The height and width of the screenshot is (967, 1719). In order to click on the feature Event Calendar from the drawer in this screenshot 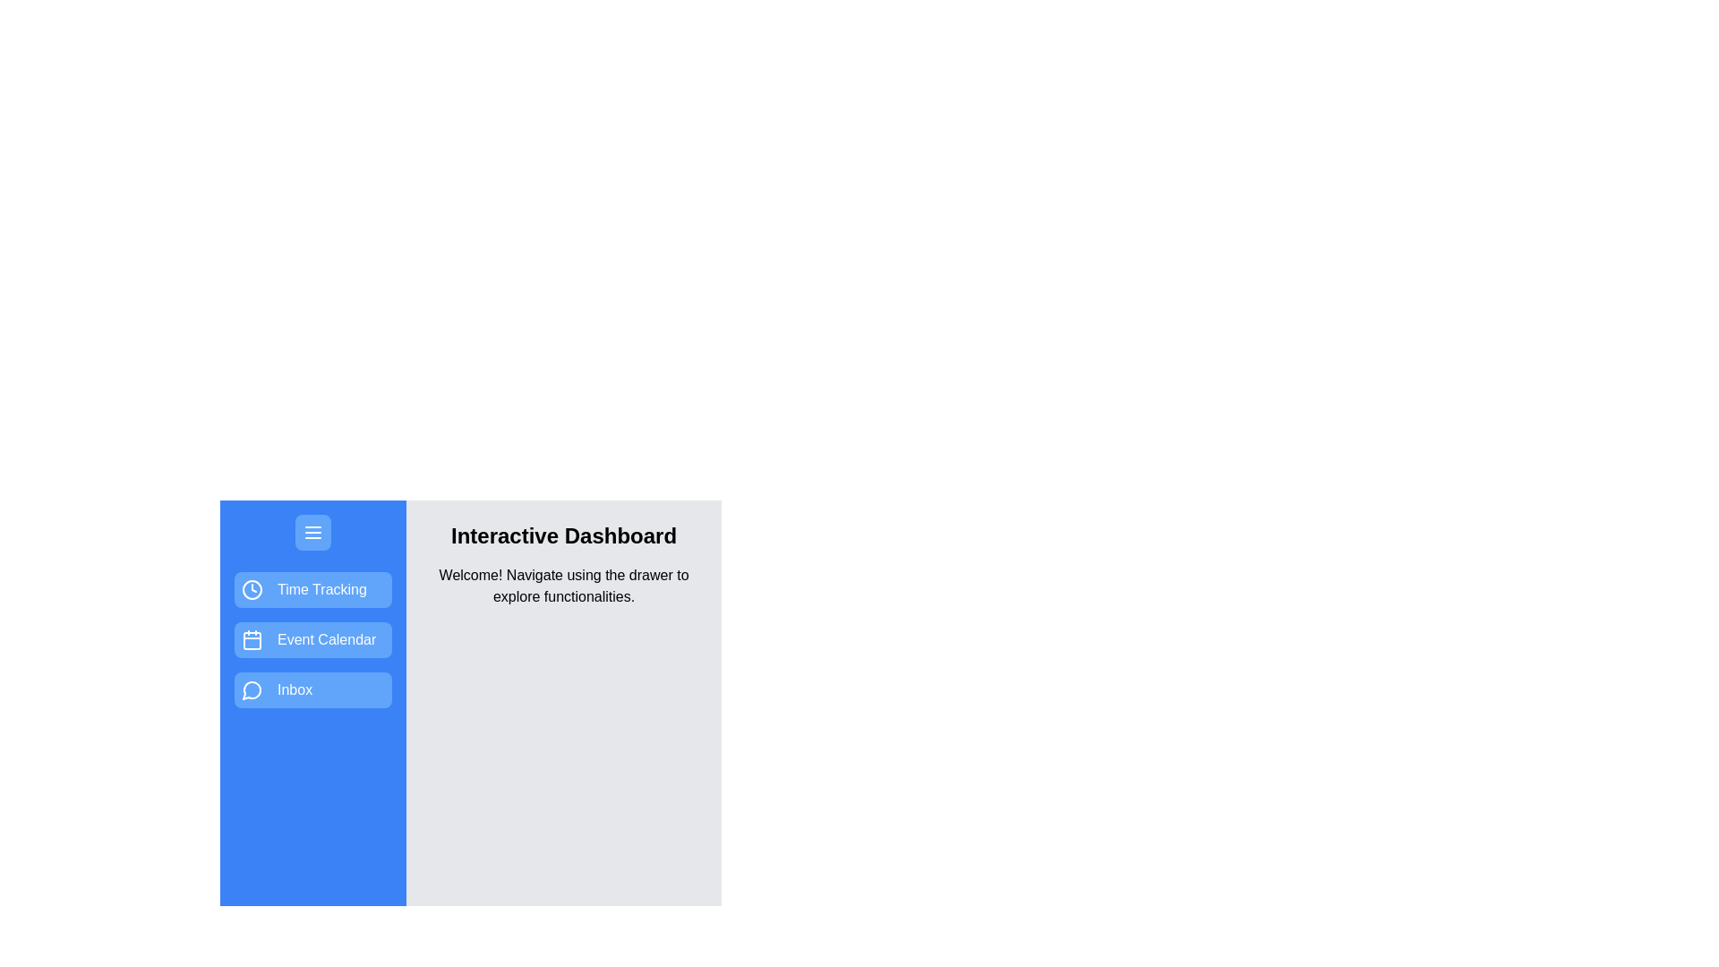, I will do `click(313, 638)`.